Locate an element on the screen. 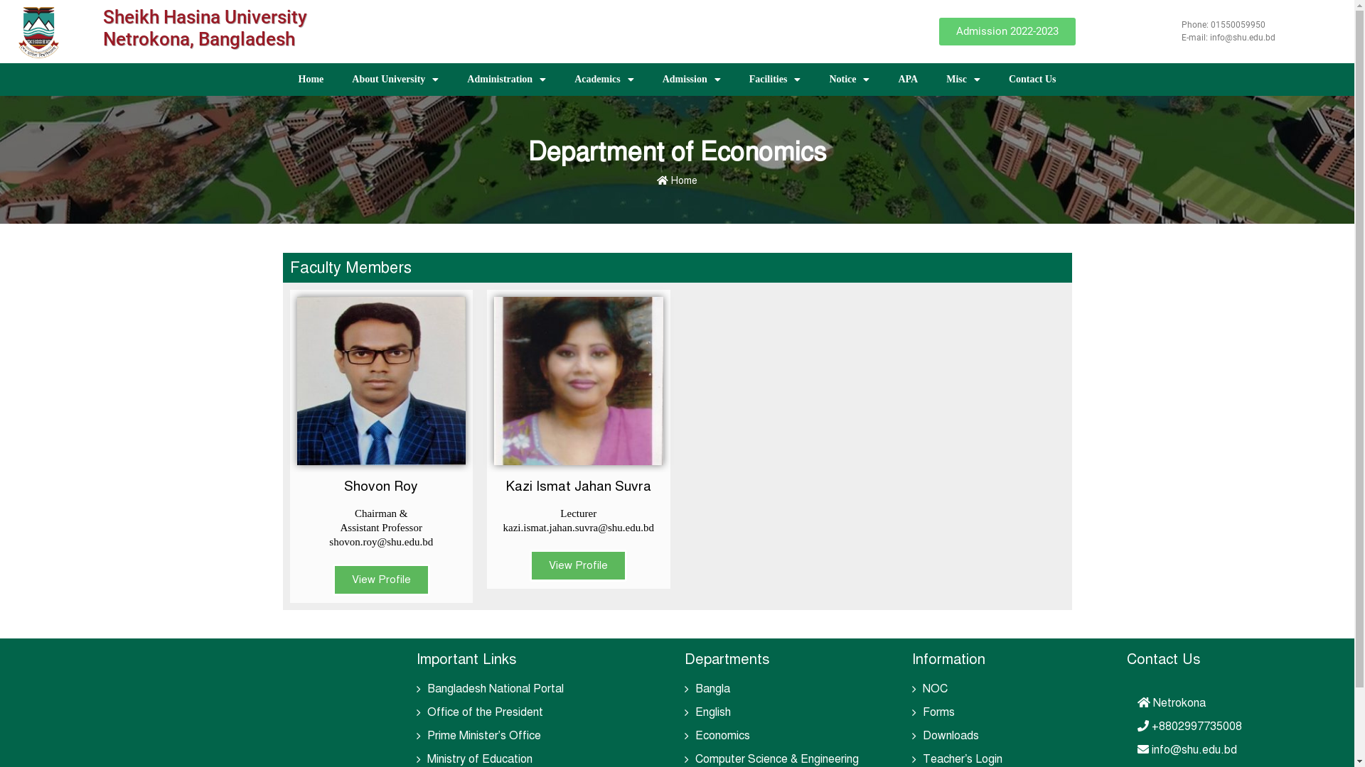 The image size is (1365, 767). 'Kazi Ismat Jahan Shuvra (Eco)' is located at coordinates (579, 380).